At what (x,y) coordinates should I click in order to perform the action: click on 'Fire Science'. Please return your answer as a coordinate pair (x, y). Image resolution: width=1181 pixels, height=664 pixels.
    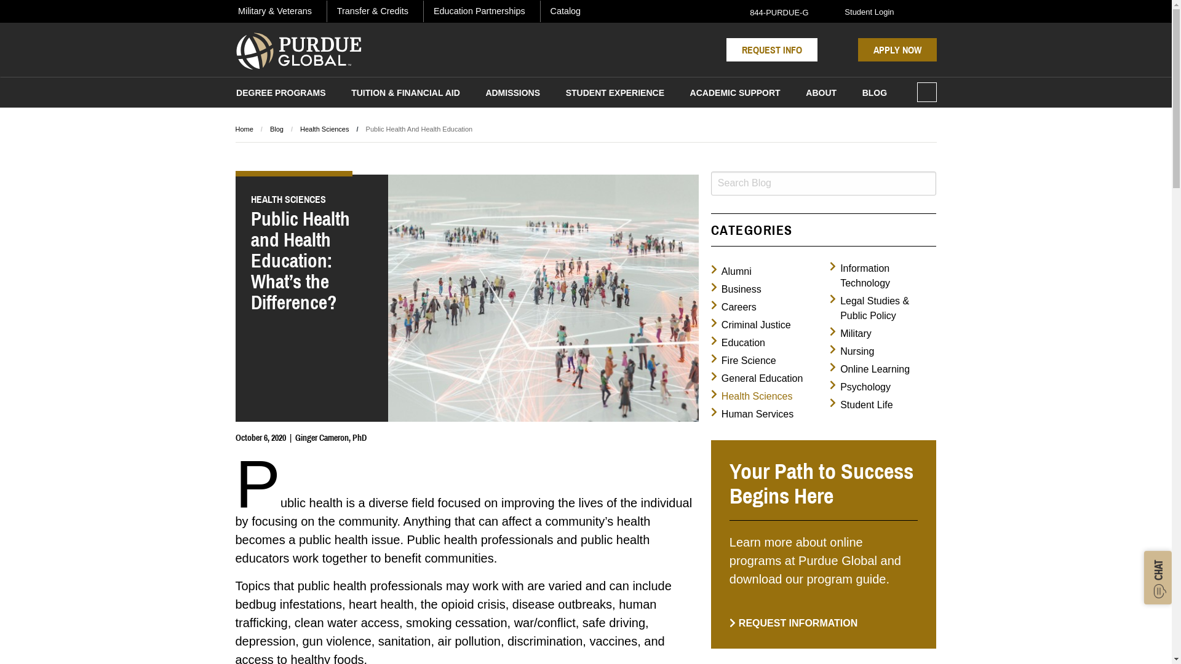
    Looking at the image, I should click on (743, 360).